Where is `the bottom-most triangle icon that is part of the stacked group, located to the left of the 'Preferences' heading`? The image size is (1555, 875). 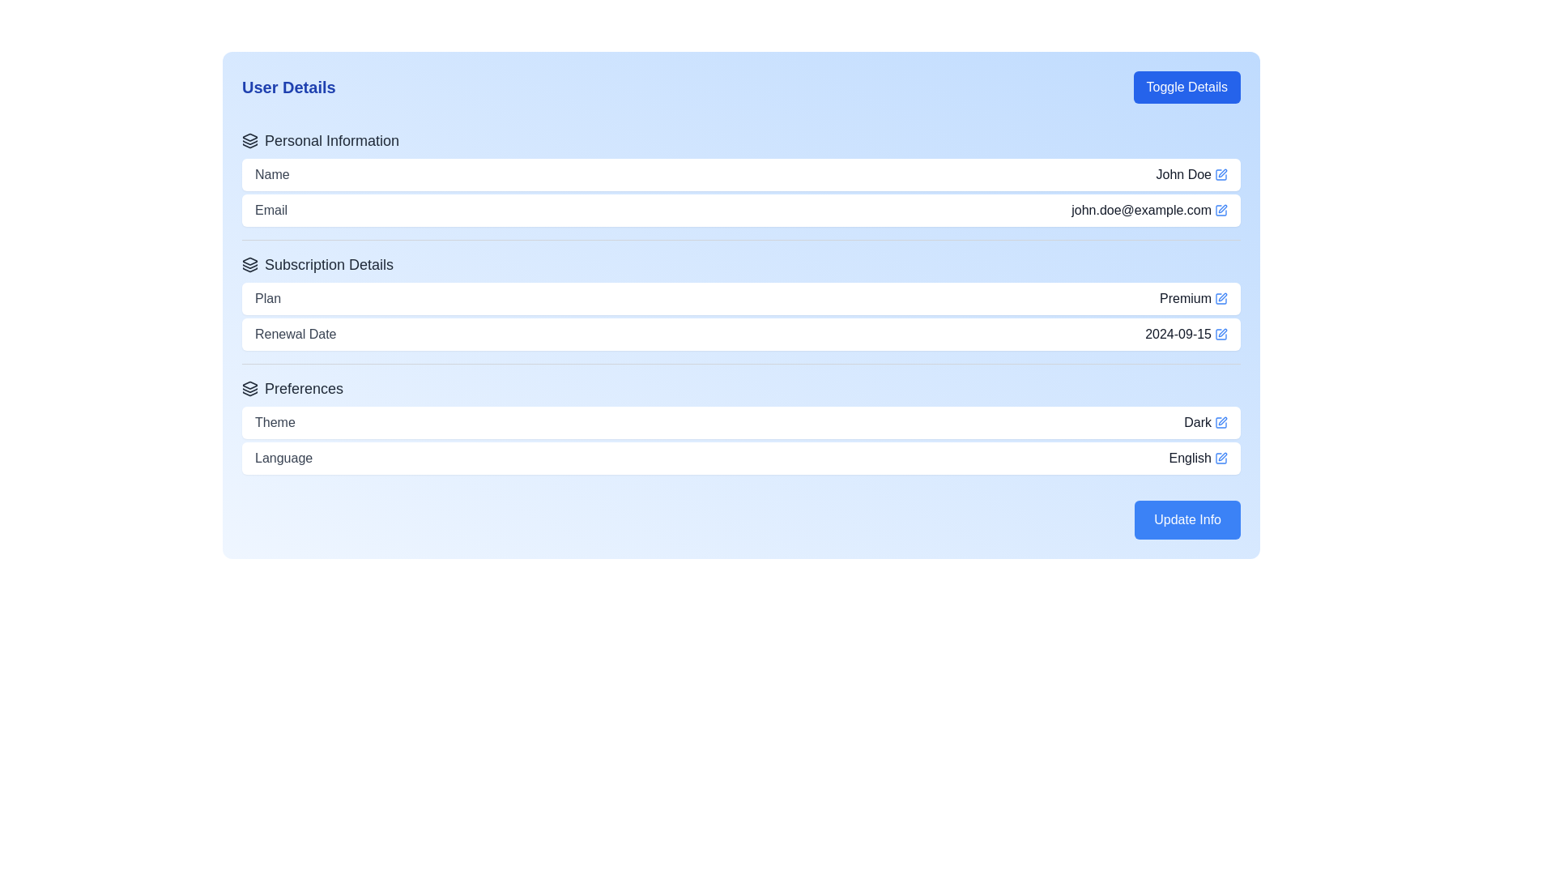 the bottom-most triangle icon that is part of the stacked group, located to the left of the 'Preferences' heading is located at coordinates (249, 394).